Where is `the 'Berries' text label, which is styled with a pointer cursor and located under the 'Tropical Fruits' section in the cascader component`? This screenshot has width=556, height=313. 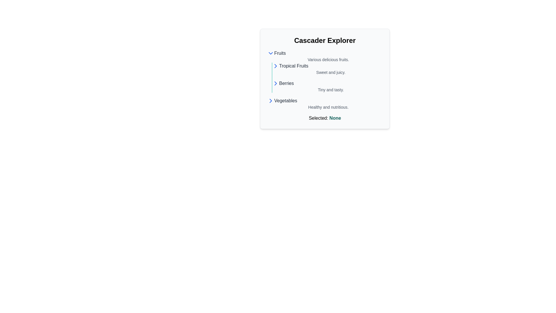 the 'Berries' text label, which is styled with a pointer cursor and located under the 'Tropical Fruits' section in the cascader component is located at coordinates (286, 83).